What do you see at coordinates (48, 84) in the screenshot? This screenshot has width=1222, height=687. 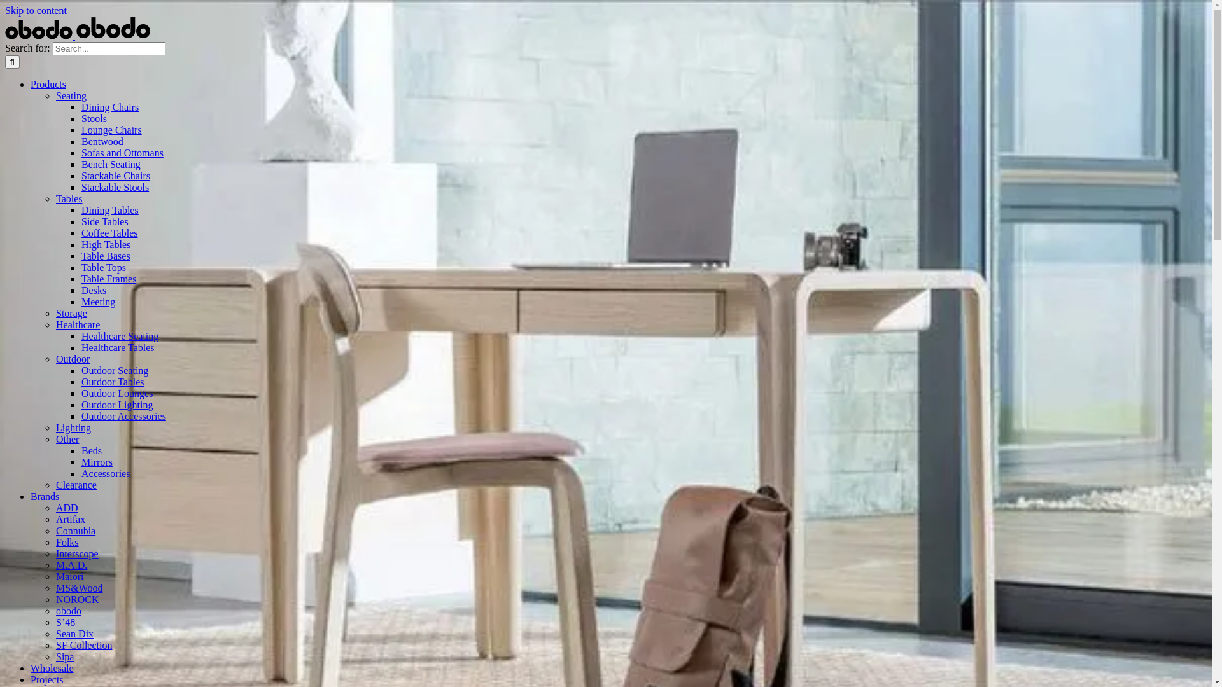 I see `'Products'` at bounding box center [48, 84].